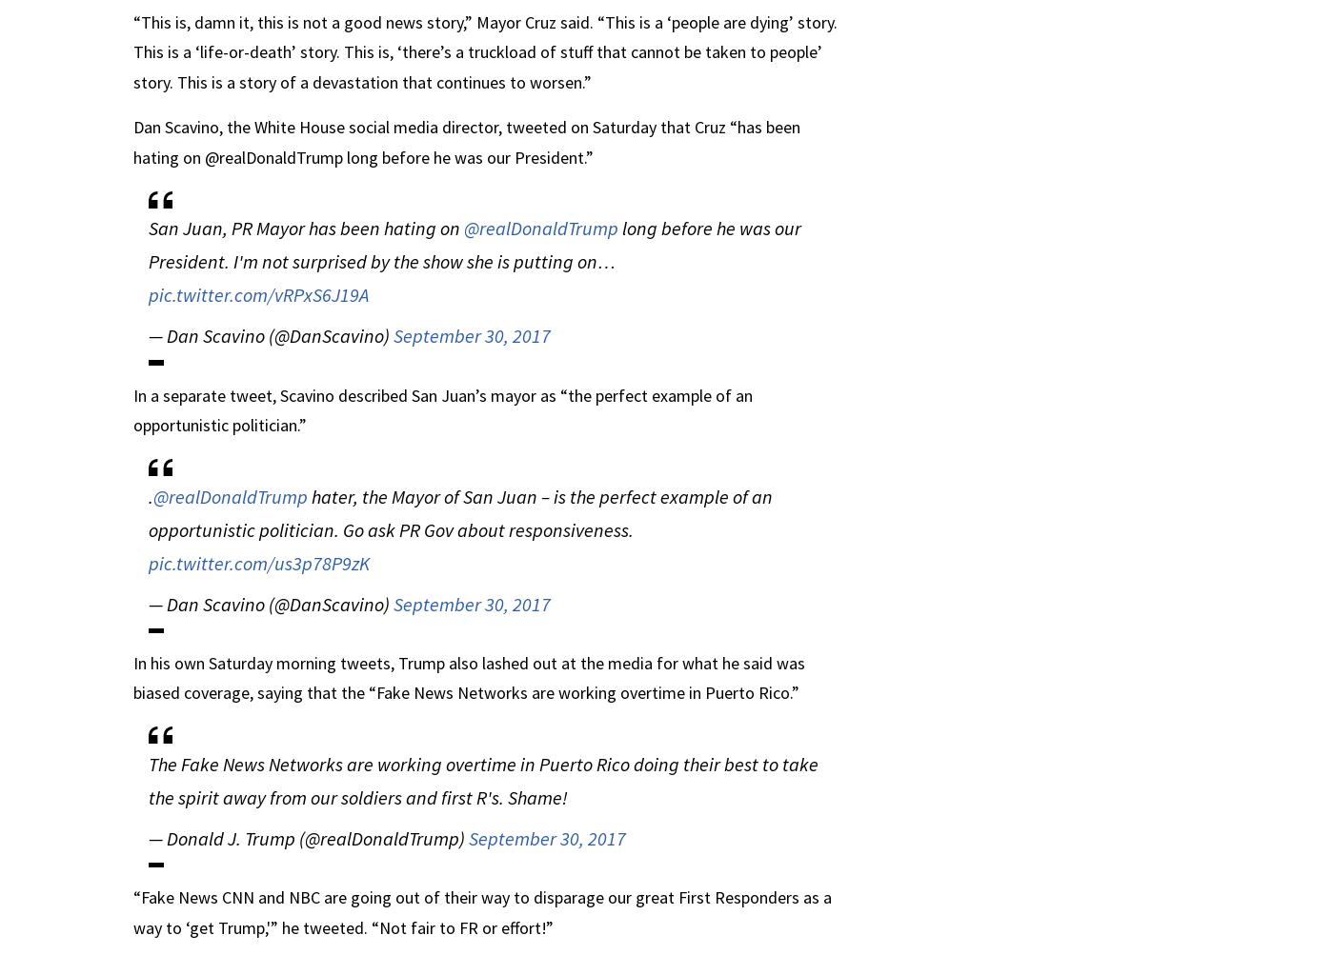  What do you see at coordinates (475, 244) in the screenshot?
I see `'long before he was our President. I'm not surprised by the show she is putting on…'` at bounding box center [475, 244].